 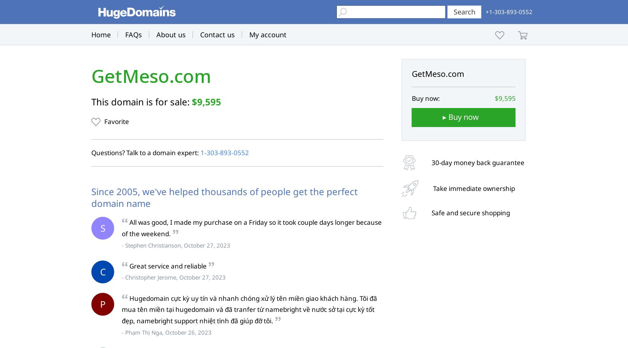 What do you see at coordinates (508, 12) in the screenshot?
I see `'+1-303-893-0552'` at bounding box center [508, 12].